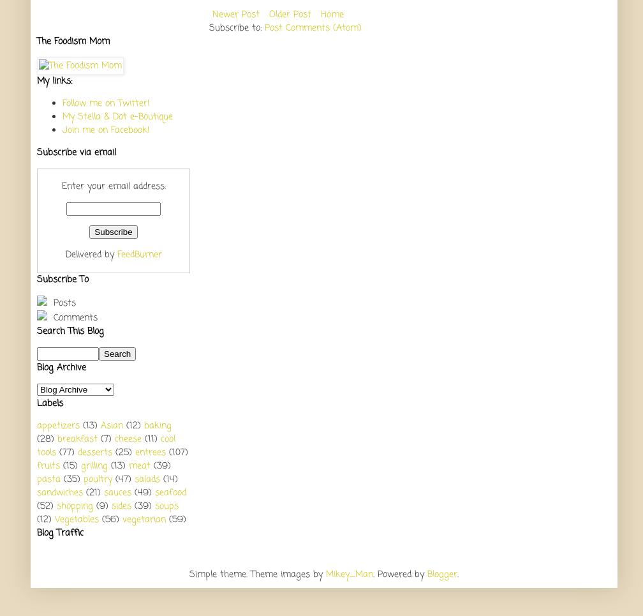  I want to click on 'Blog Archive', so click(61, 367).